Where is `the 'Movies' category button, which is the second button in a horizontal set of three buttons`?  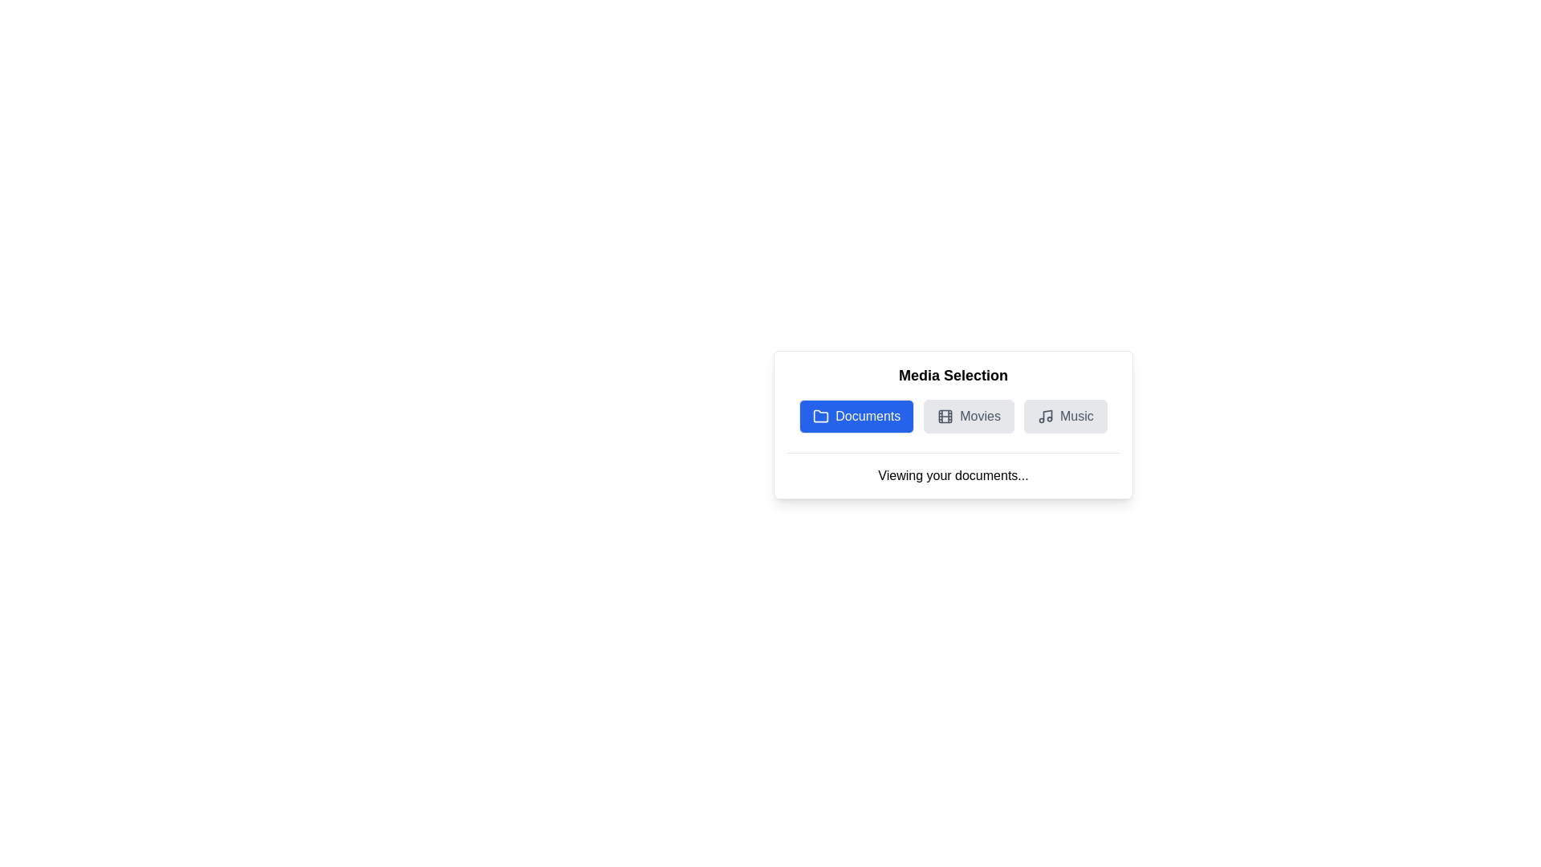 the 'Movies' category button, which is the second button in a horizontal set of three buttons is located at coordinates (968, 416).